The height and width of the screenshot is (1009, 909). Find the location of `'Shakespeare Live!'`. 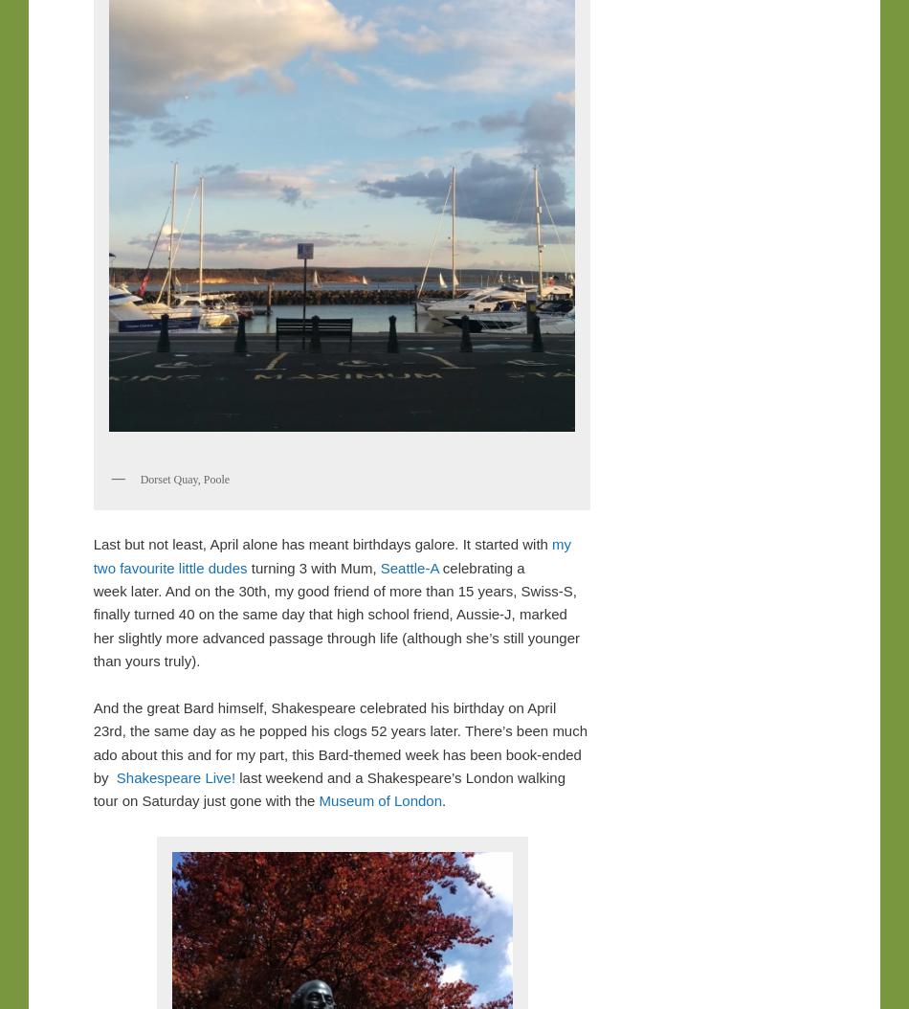

'Shakespeare Live!' is located at coordinates (175, 776).